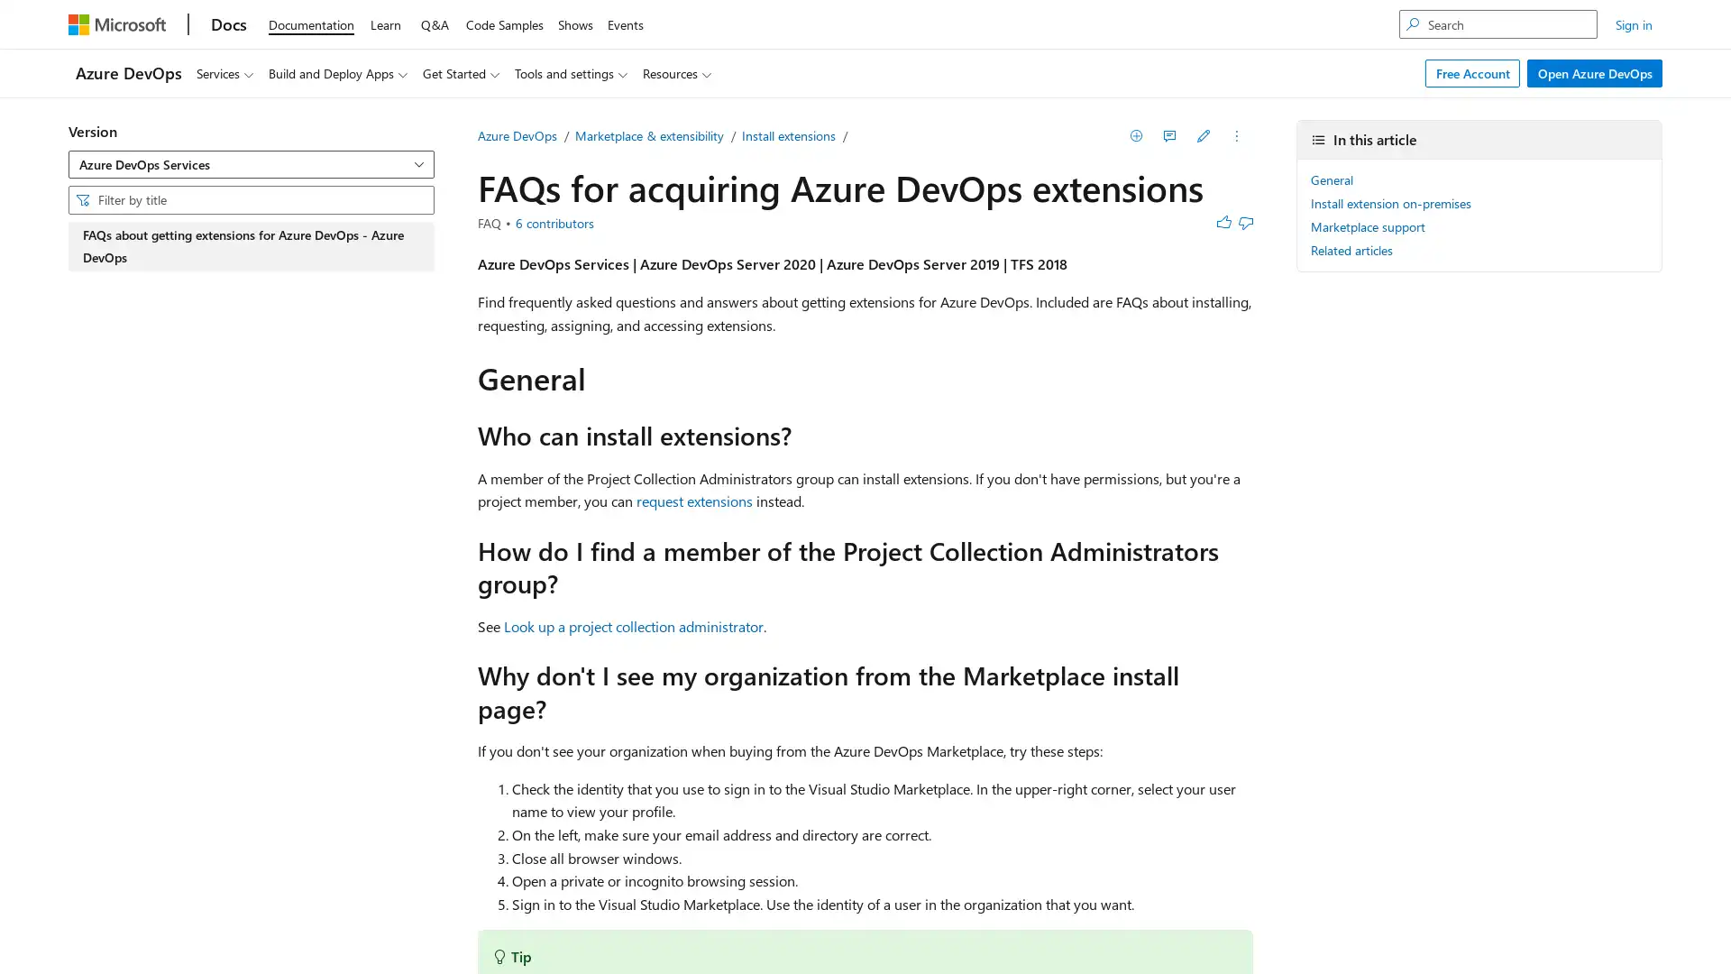 This screenshot has width=1731, height=974. What do you see at coordinates (250, 163) in the screenshot?
I see `Azure DevOps Services` at bounding box center [250, 163].